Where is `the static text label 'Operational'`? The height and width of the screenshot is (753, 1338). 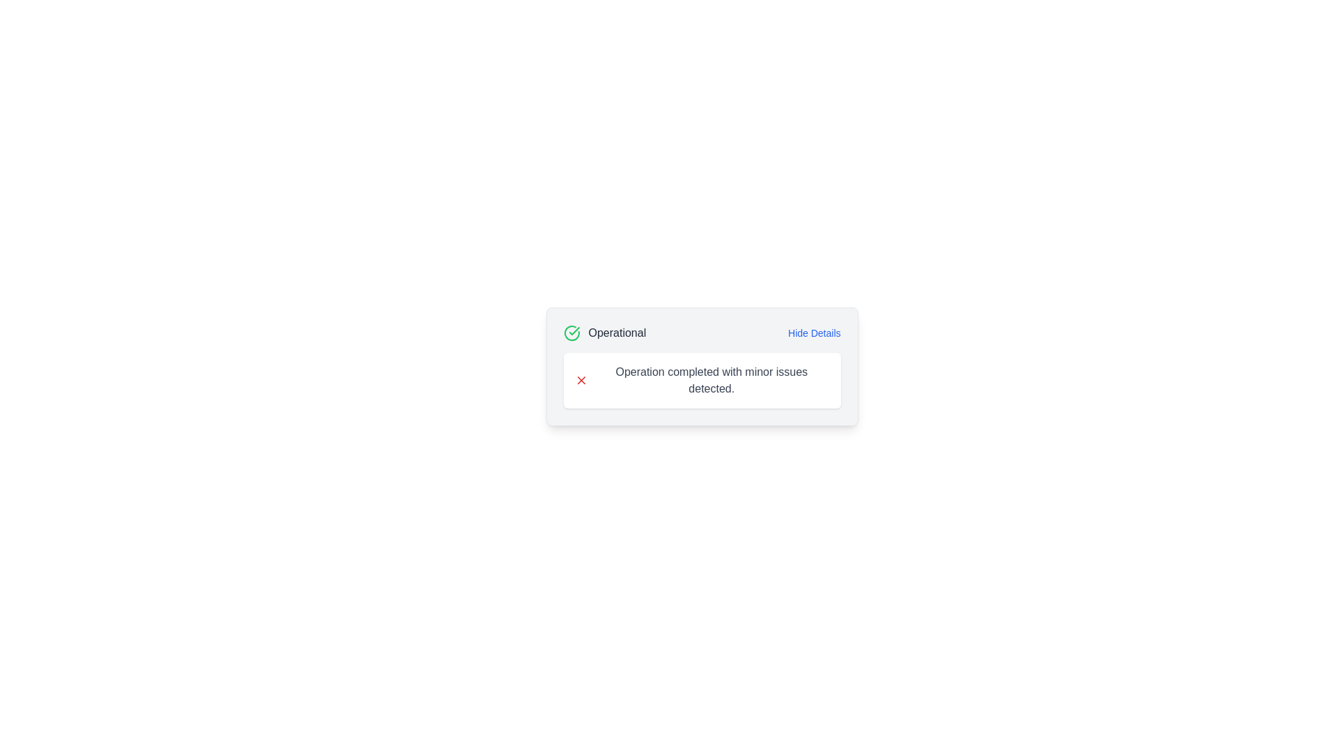
the static text label 'Operational' is located at coordinates (616, 333).